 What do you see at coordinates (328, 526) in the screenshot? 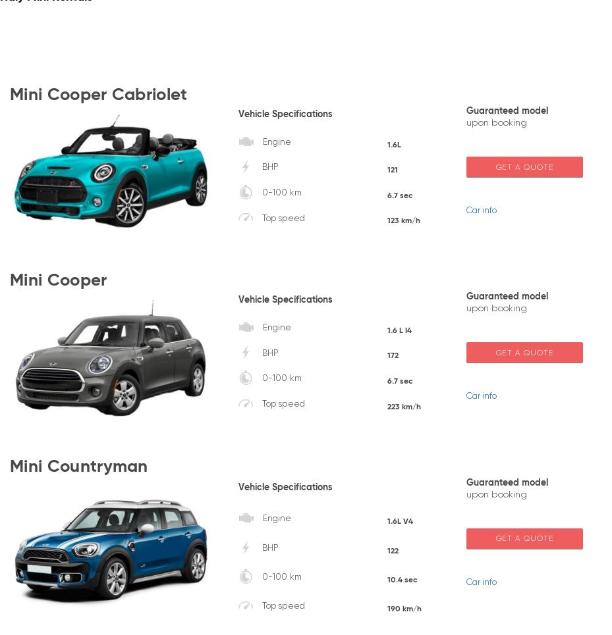
I see `'EXCELLENCE'` at bounding box center [328, 526].